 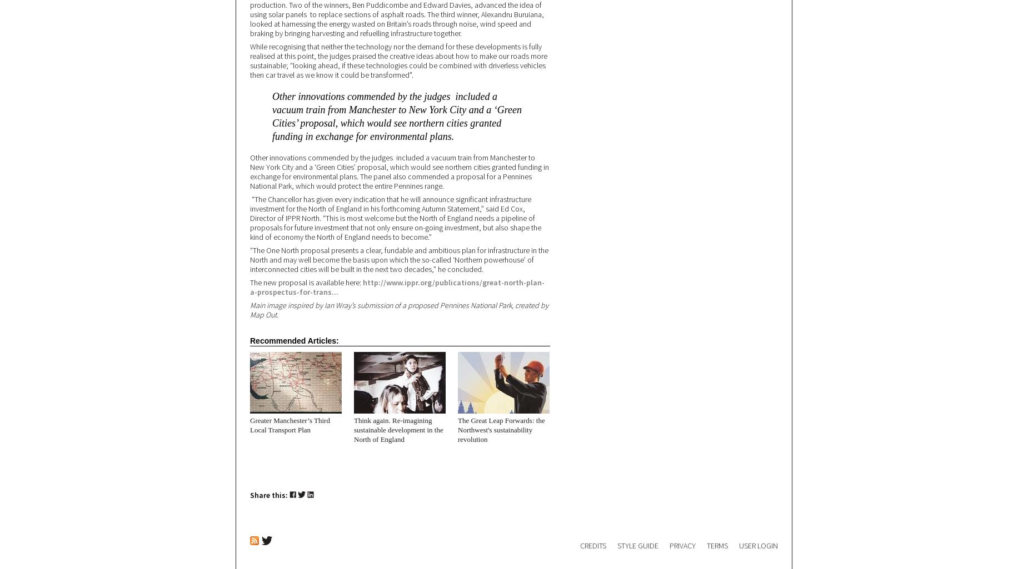 I want to click on '“The One North proposal presents a clear, fundable and ambitious plan for infrastructure in the North and may well become the basis upon which the so-called ‘Northern powerhouse’ of interconnected cities will be built in the next two decades,” he concluded.', so click(x=399, y=260).